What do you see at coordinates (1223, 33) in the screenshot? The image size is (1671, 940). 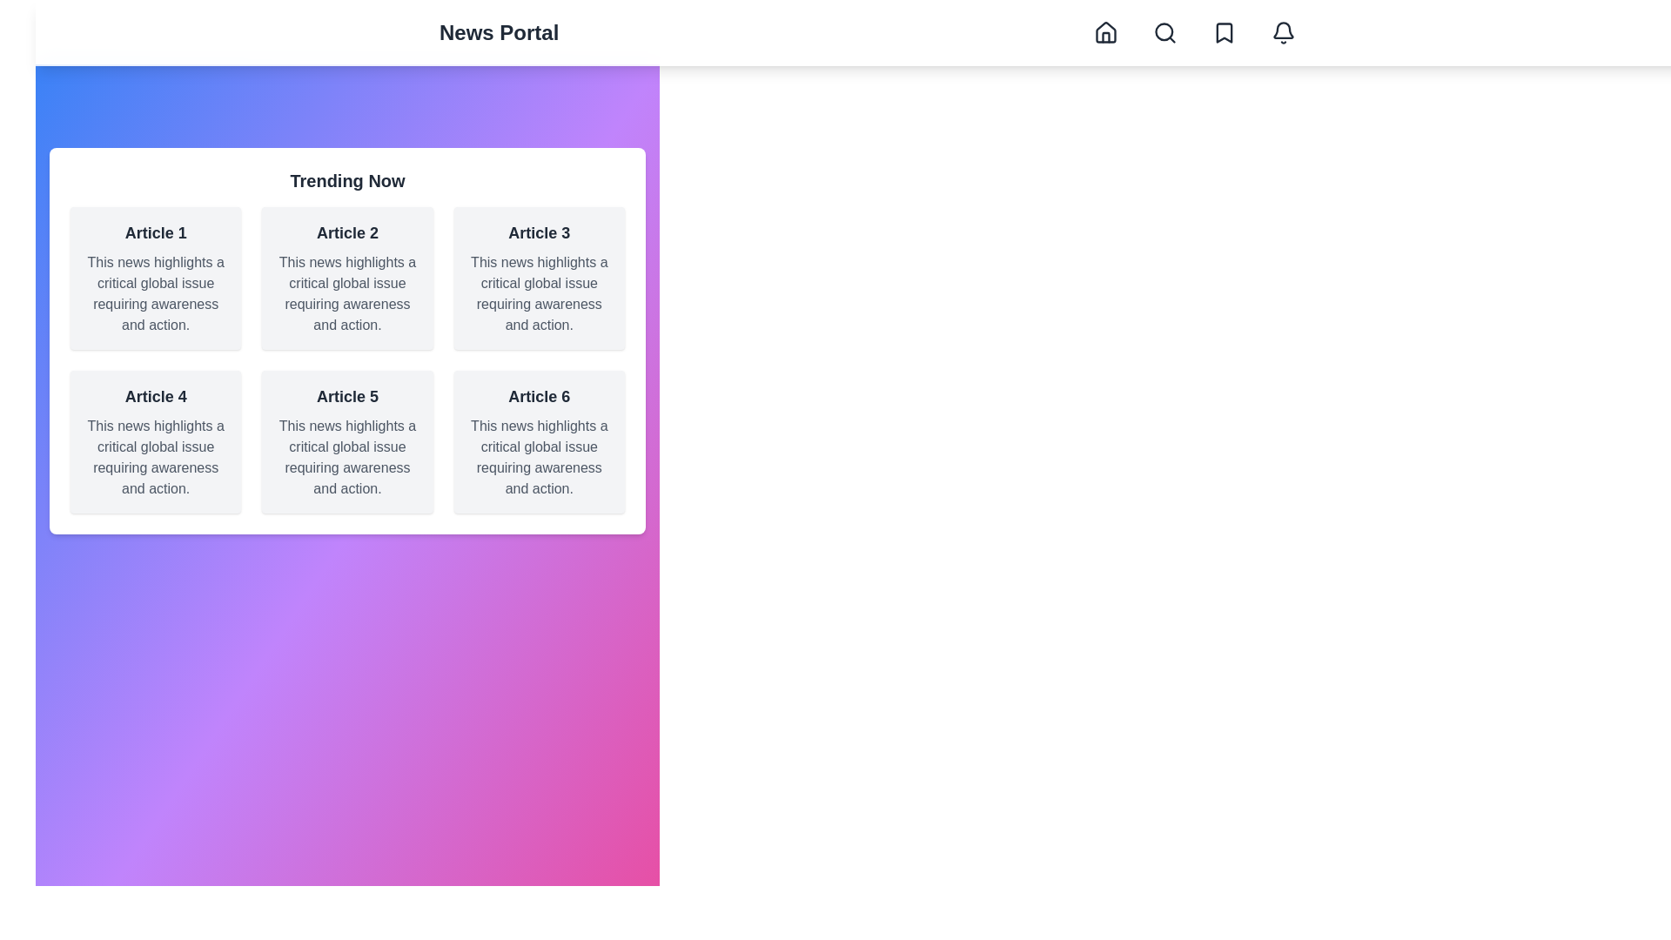 I see `the Bookmark navigation button` at bounding box center [1223, 33].